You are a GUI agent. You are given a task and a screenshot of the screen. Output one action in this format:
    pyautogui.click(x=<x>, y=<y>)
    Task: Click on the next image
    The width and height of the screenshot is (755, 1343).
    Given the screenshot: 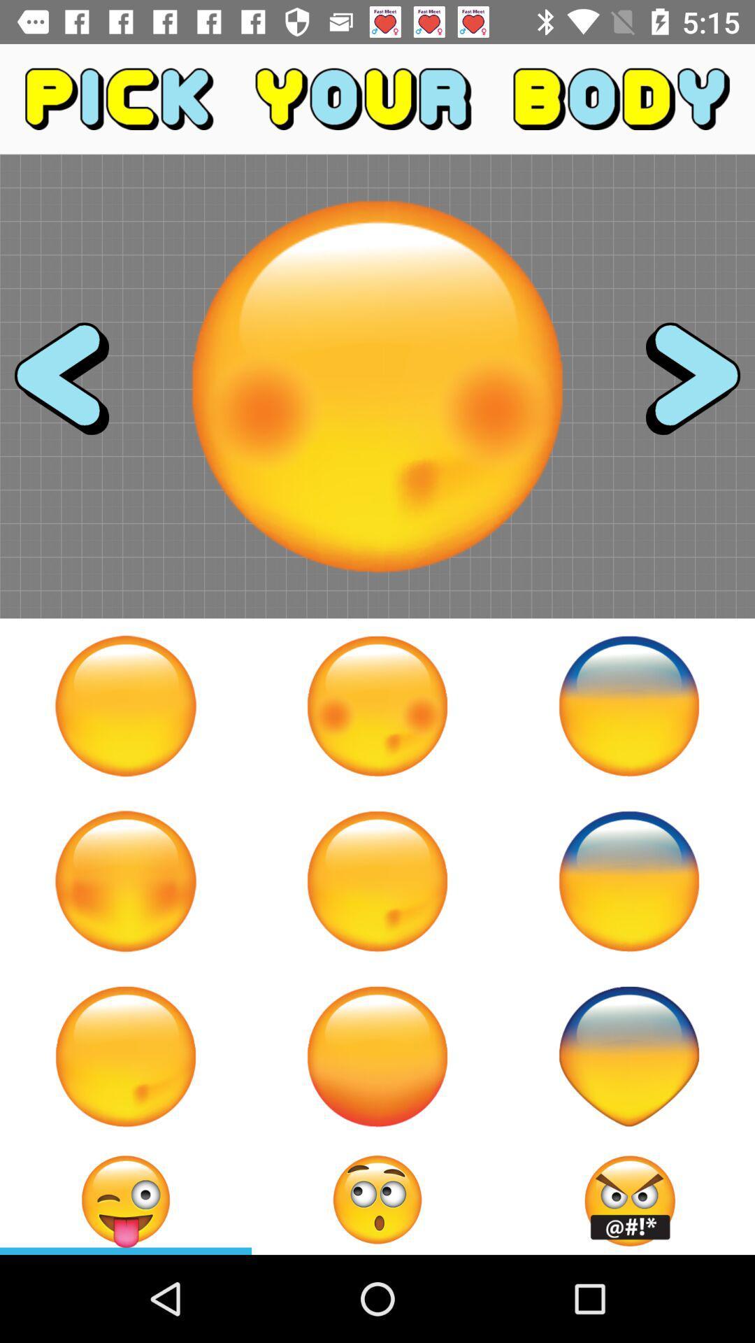 What is the action you would take?
    pyautogui.click(x=679, y=386)
    